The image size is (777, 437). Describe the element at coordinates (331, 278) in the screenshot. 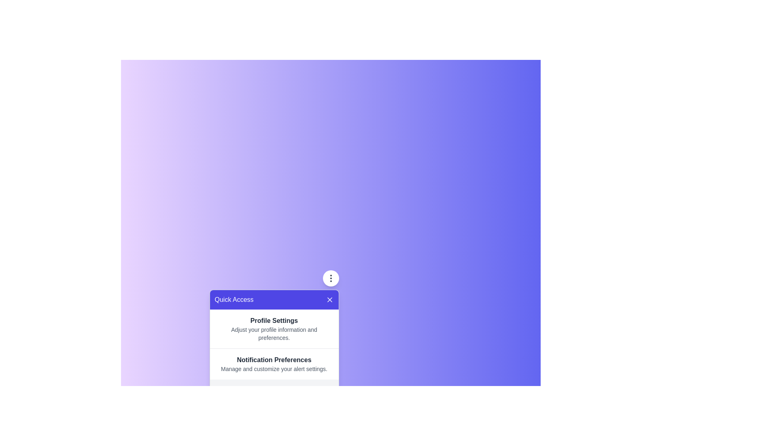

I see `the Icon button in the top-right corner of the 'Quick Access' panel` at that location.